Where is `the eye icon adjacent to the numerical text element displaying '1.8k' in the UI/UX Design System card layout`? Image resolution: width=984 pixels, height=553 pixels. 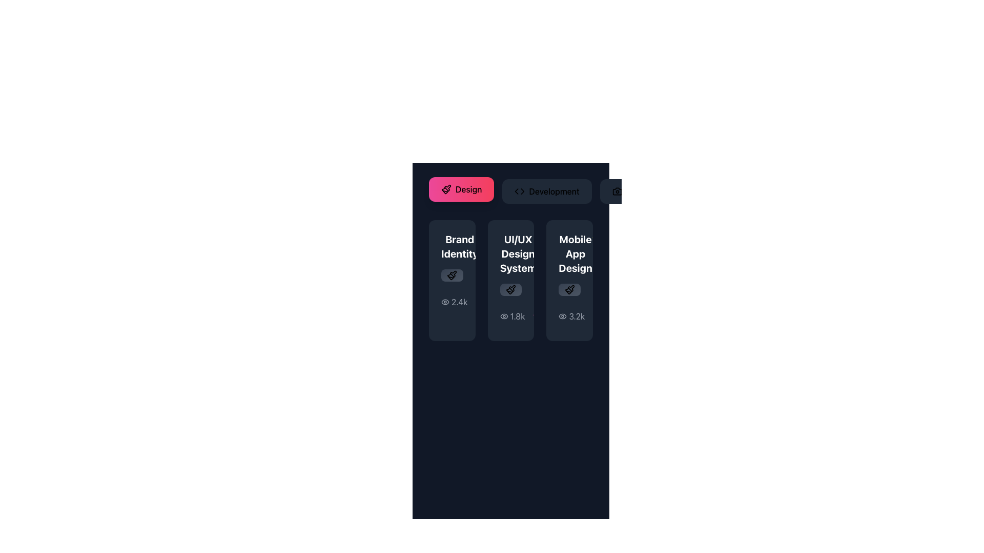 the eye icon adjacent to the numerical text element displaying '1.8k' in the UI/UX Design System card layout is located at coordinates (512, 315).